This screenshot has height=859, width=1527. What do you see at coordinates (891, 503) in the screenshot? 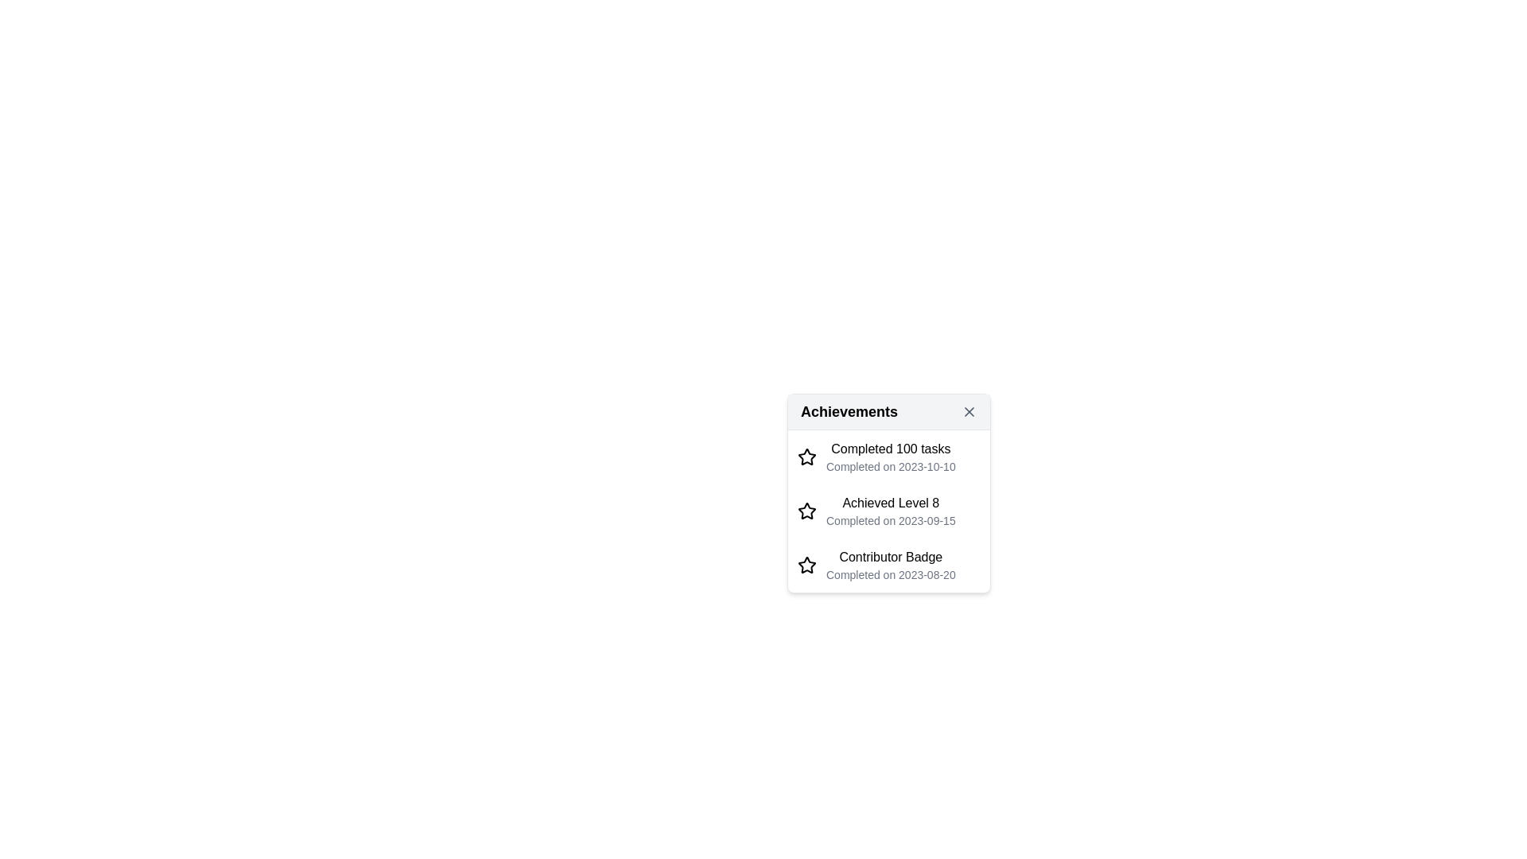
I see `the text label displaying 'Achieved Level 8' within the 'Achievements' panel, which is the second item in the list of achievements` at bounding box center [891, 503].